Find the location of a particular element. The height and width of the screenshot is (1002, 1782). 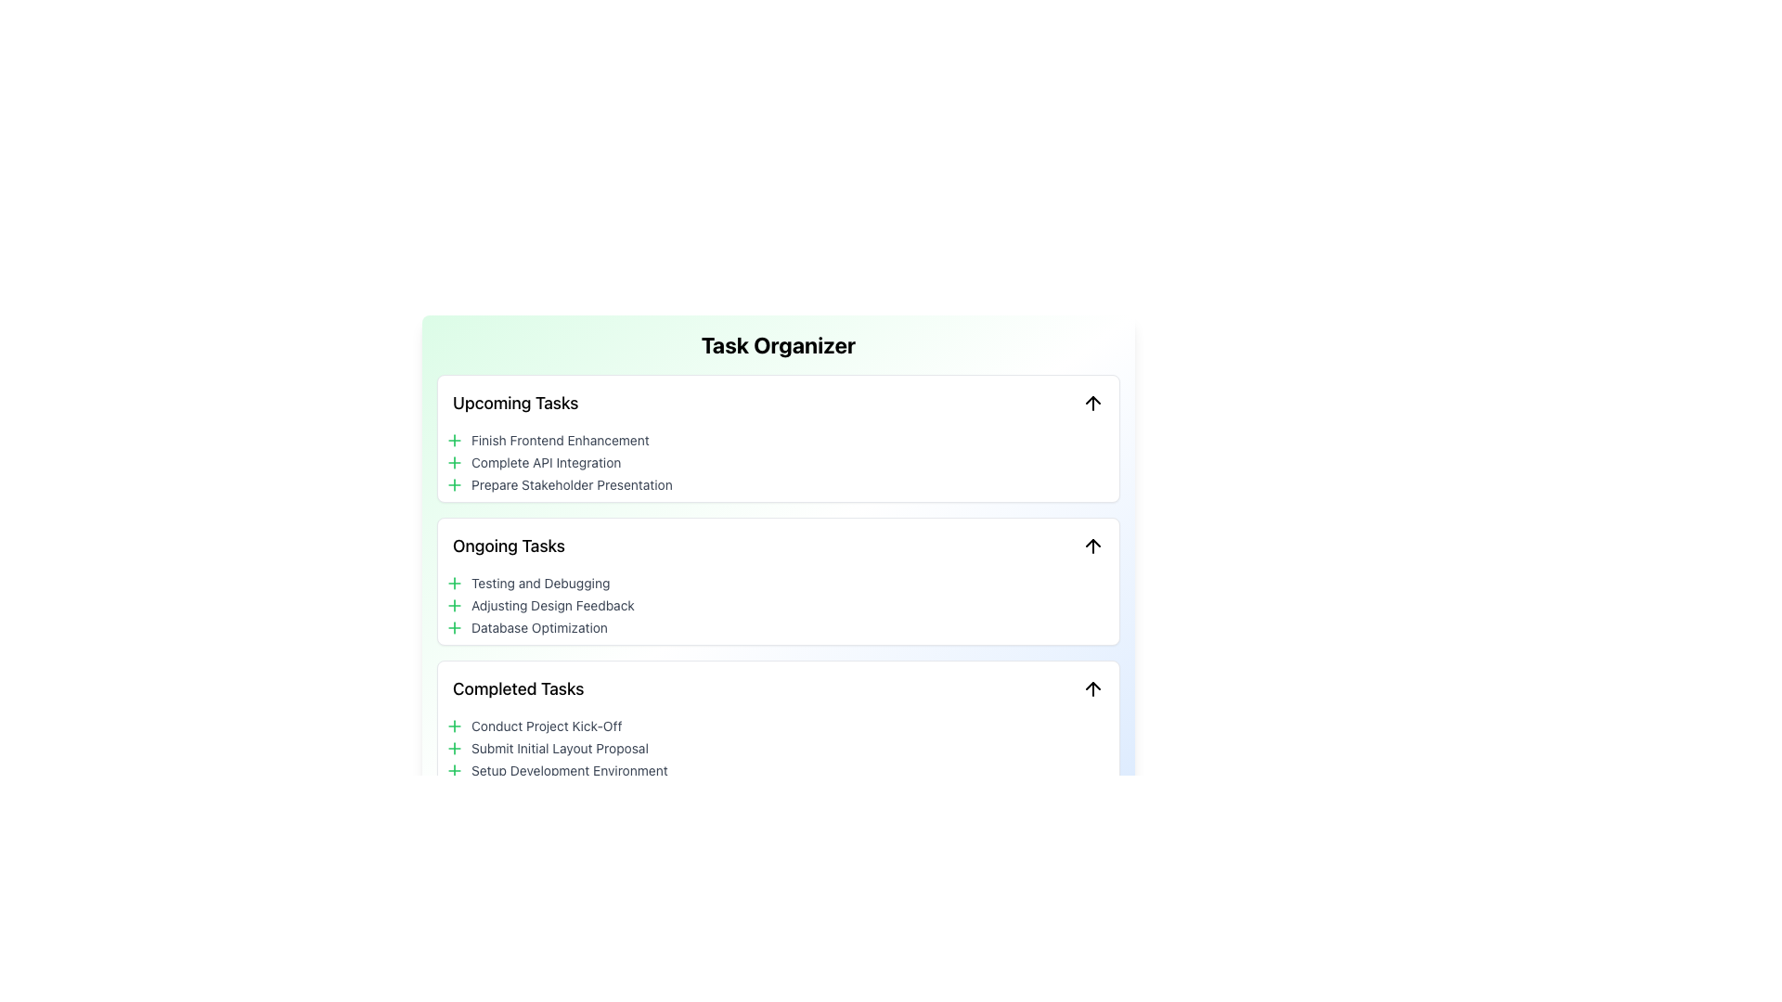

the green plus symbol button located at the top-left of the 'Testing and Debugging' text in the 'Ongoing Tasks' section is located at coordinates (454, 582).